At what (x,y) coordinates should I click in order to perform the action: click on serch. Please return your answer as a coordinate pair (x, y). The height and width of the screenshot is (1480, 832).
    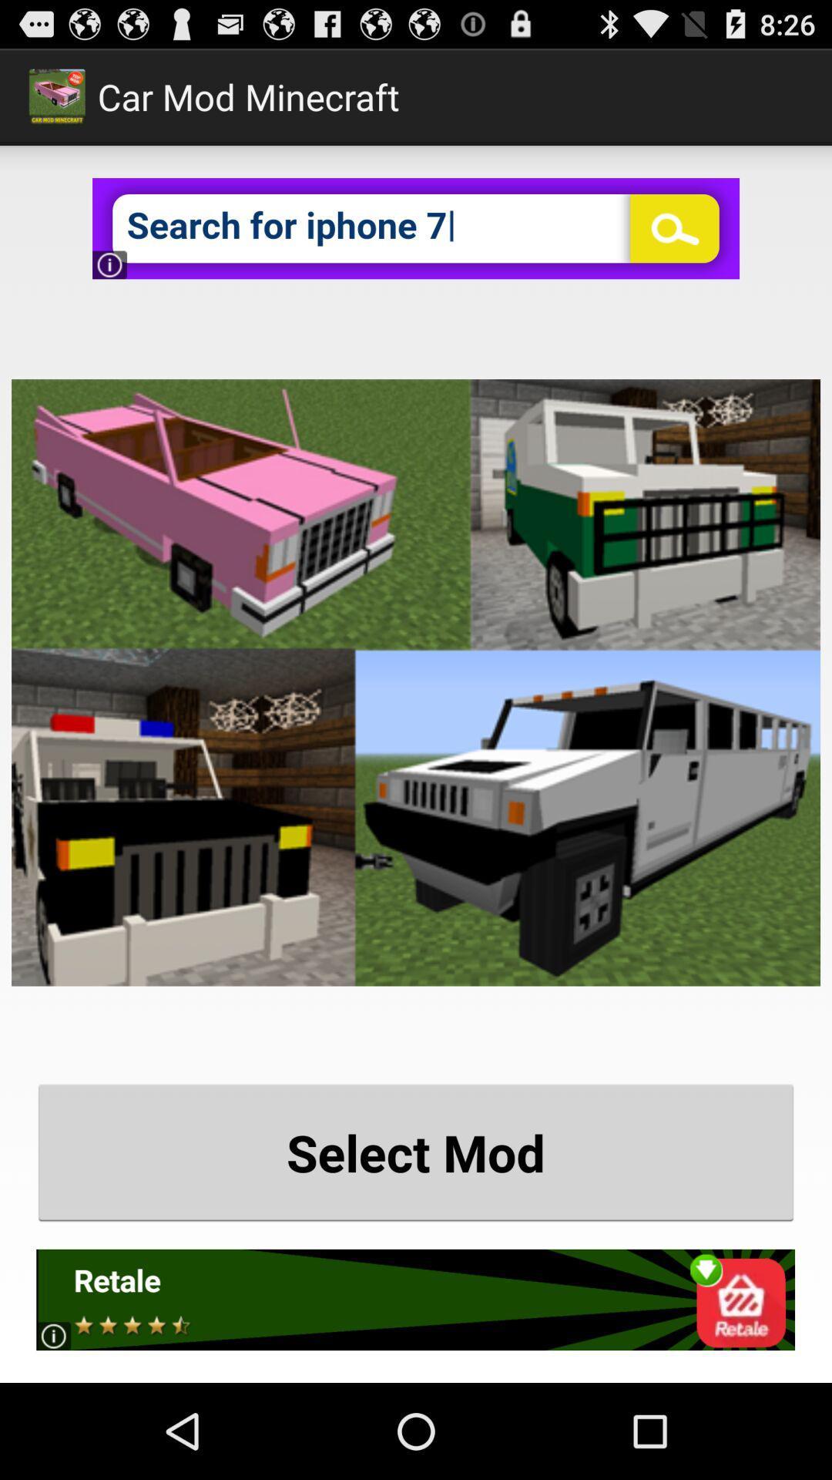
    Looking at the image, I should click on (416, 227).